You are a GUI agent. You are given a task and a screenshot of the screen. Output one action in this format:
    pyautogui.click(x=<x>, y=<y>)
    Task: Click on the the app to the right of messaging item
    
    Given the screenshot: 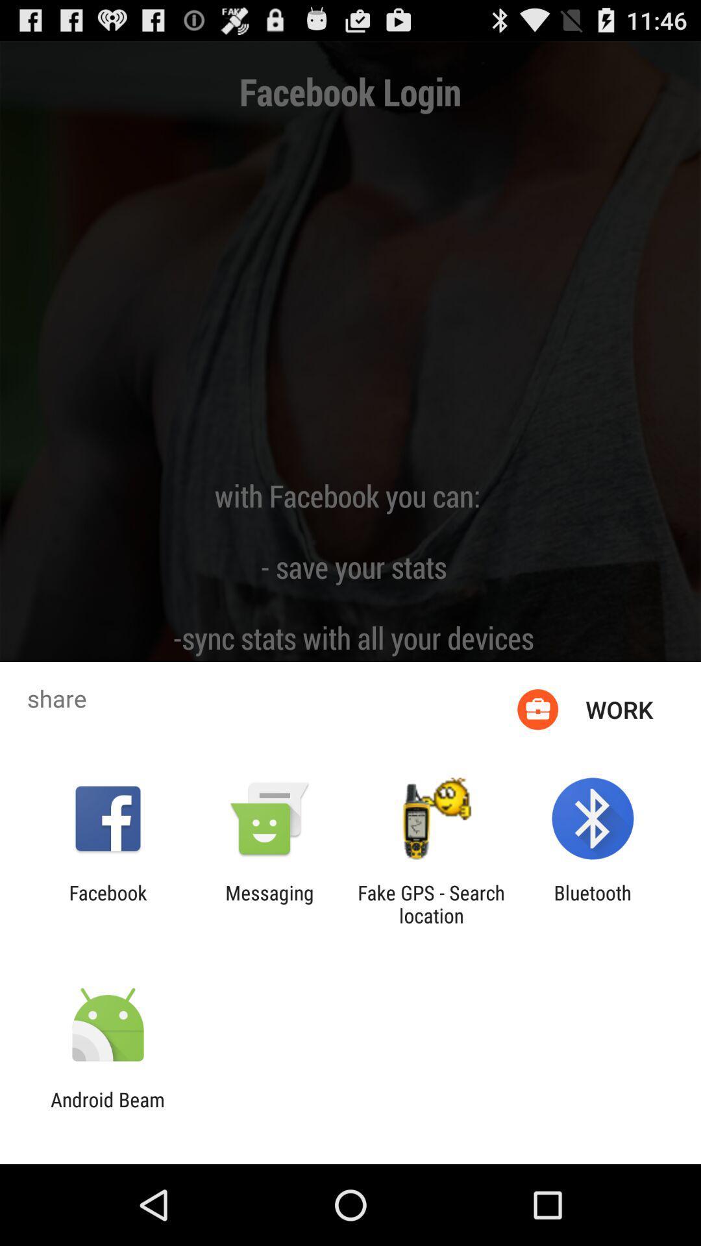 What is the action you would take?
    pyautogui.click(x=431, y=903)
    